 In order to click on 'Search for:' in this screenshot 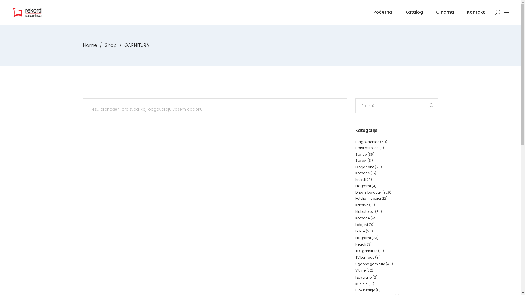, I will do `click(389, 105)`.